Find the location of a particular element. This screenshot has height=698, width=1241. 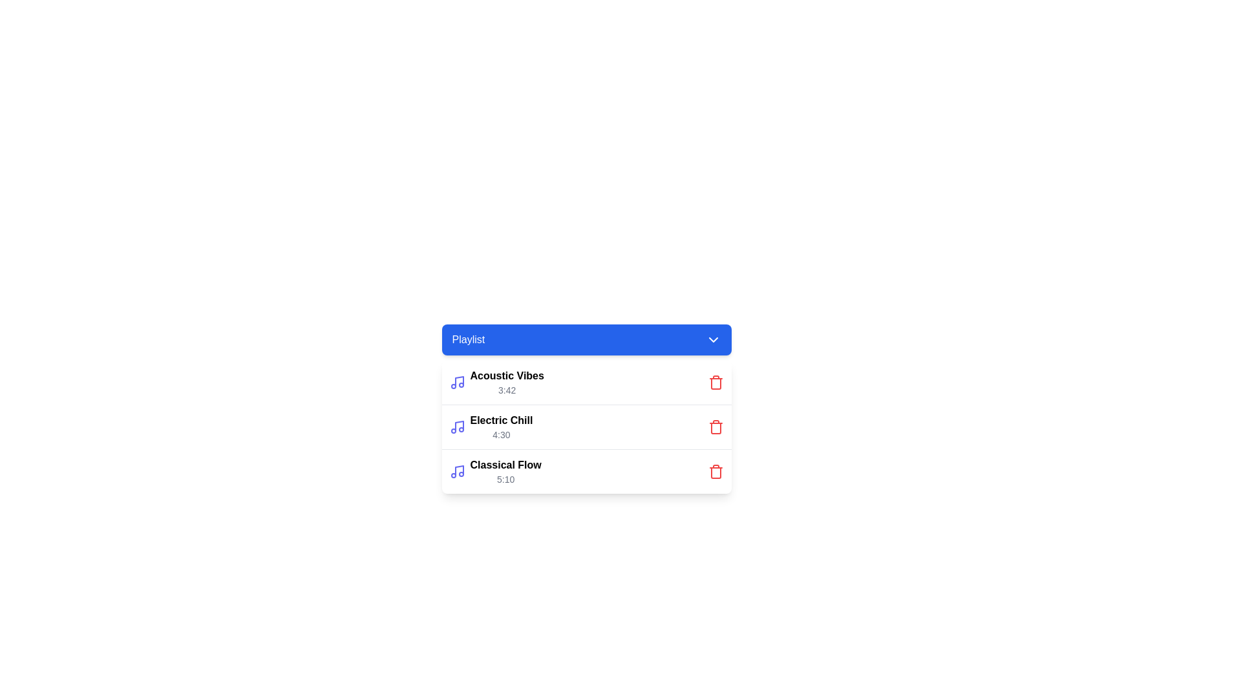

text displayed in the third item of the playlist under the 'Playlist' section, which provides information about a specific song, including its title and duration is located at coordinates (505, 471).